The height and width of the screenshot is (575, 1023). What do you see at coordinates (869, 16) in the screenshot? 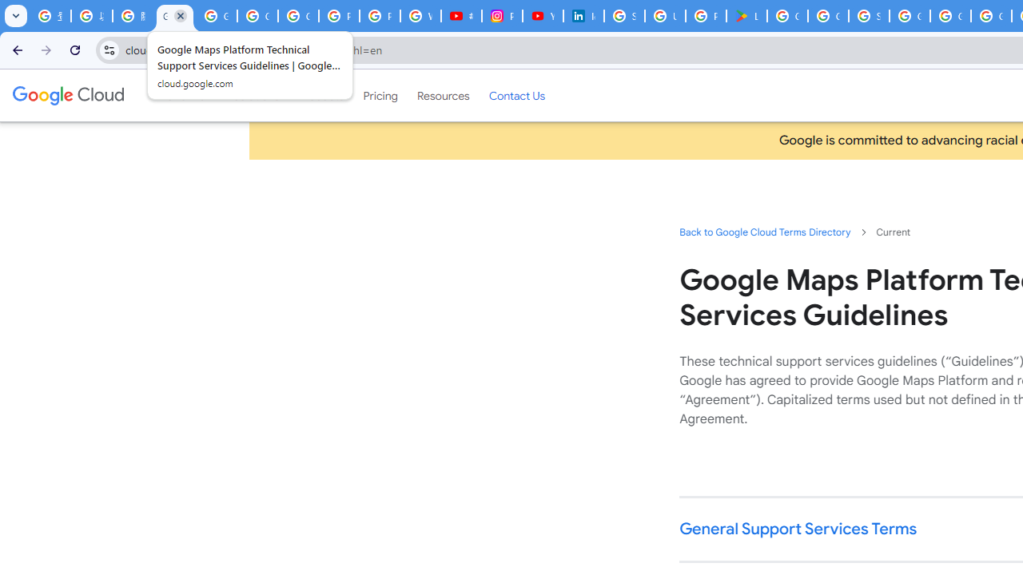
I see `'Sign in - Google Accounts'` at bounding box center [869, 16].